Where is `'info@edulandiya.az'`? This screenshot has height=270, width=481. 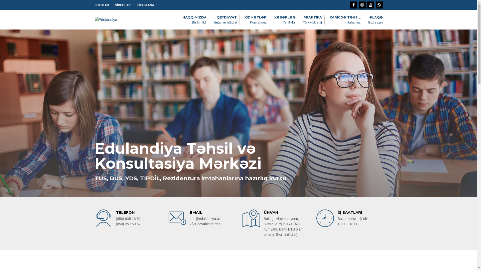 'info@edulandiya.az' is located at coordinates (190, 218).